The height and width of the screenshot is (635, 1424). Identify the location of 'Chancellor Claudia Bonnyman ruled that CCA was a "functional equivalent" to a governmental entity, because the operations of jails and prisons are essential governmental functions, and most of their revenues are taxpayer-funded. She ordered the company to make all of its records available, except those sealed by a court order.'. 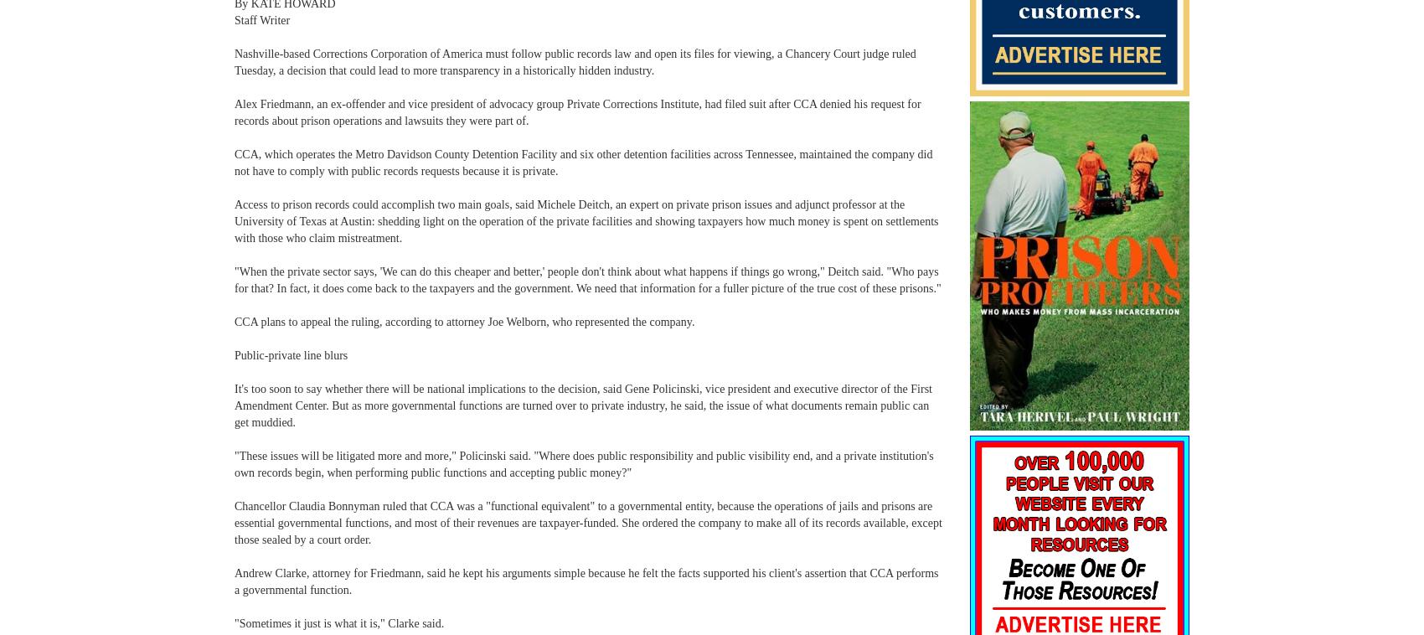
(234, 523).